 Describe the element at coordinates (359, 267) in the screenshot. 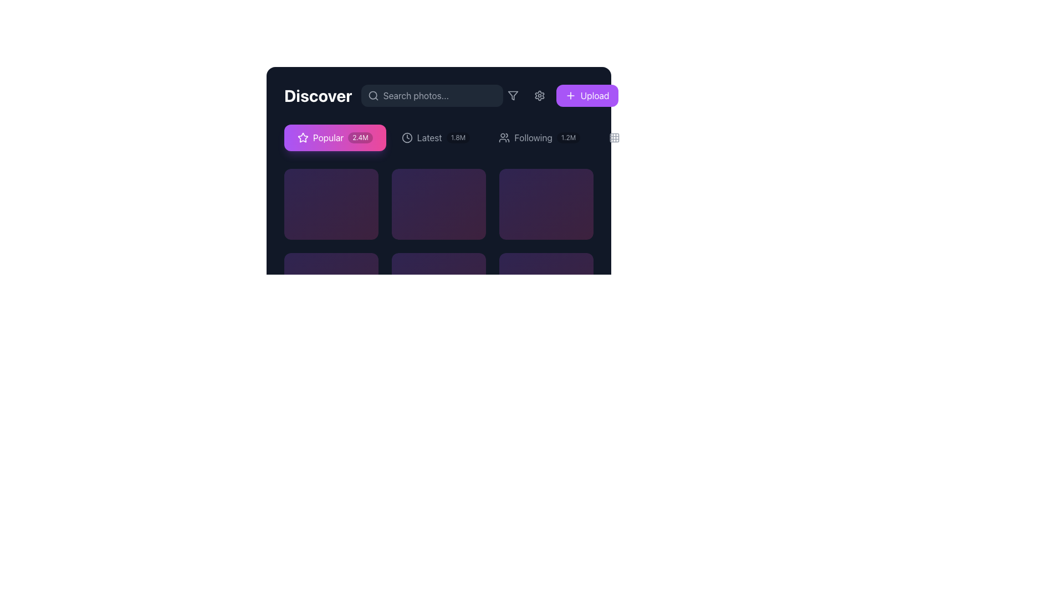

I see `SVG icon representing a bookmarking action, centrally located within its circular button-like structure` at that location.